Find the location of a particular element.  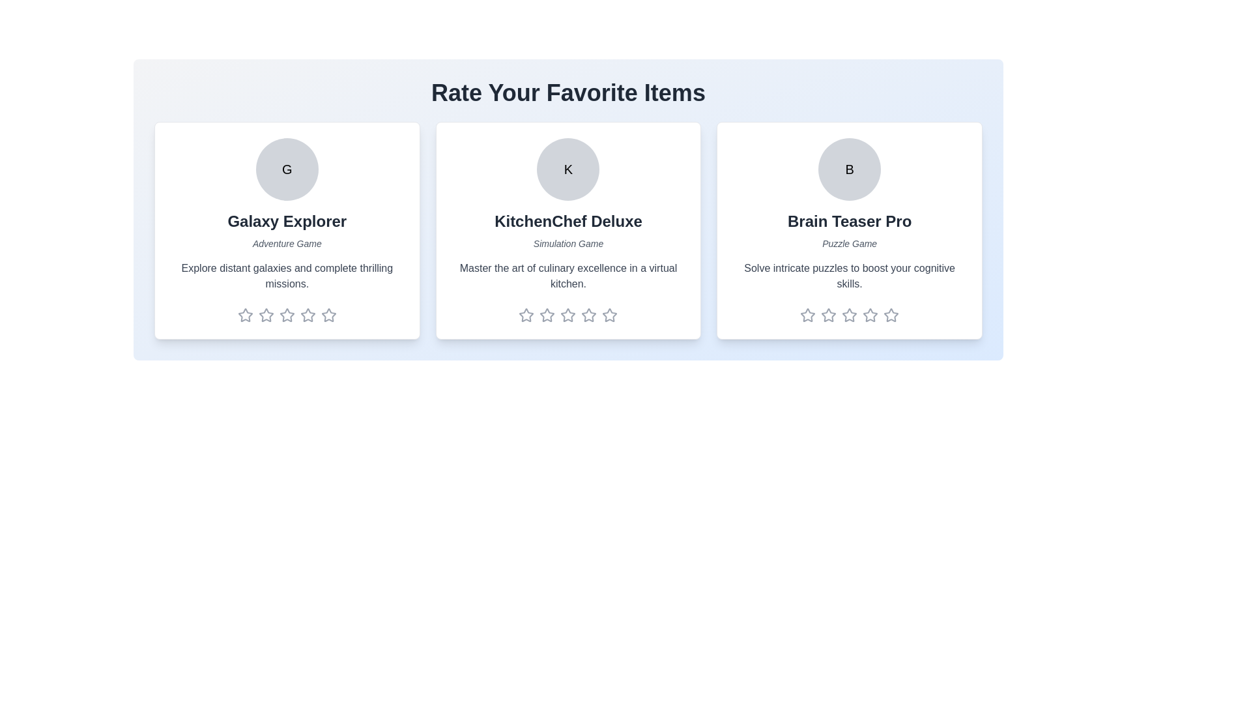

the rating of the item to 1 stars by clicking on the corresponding star is located at coordinates (245, 315).